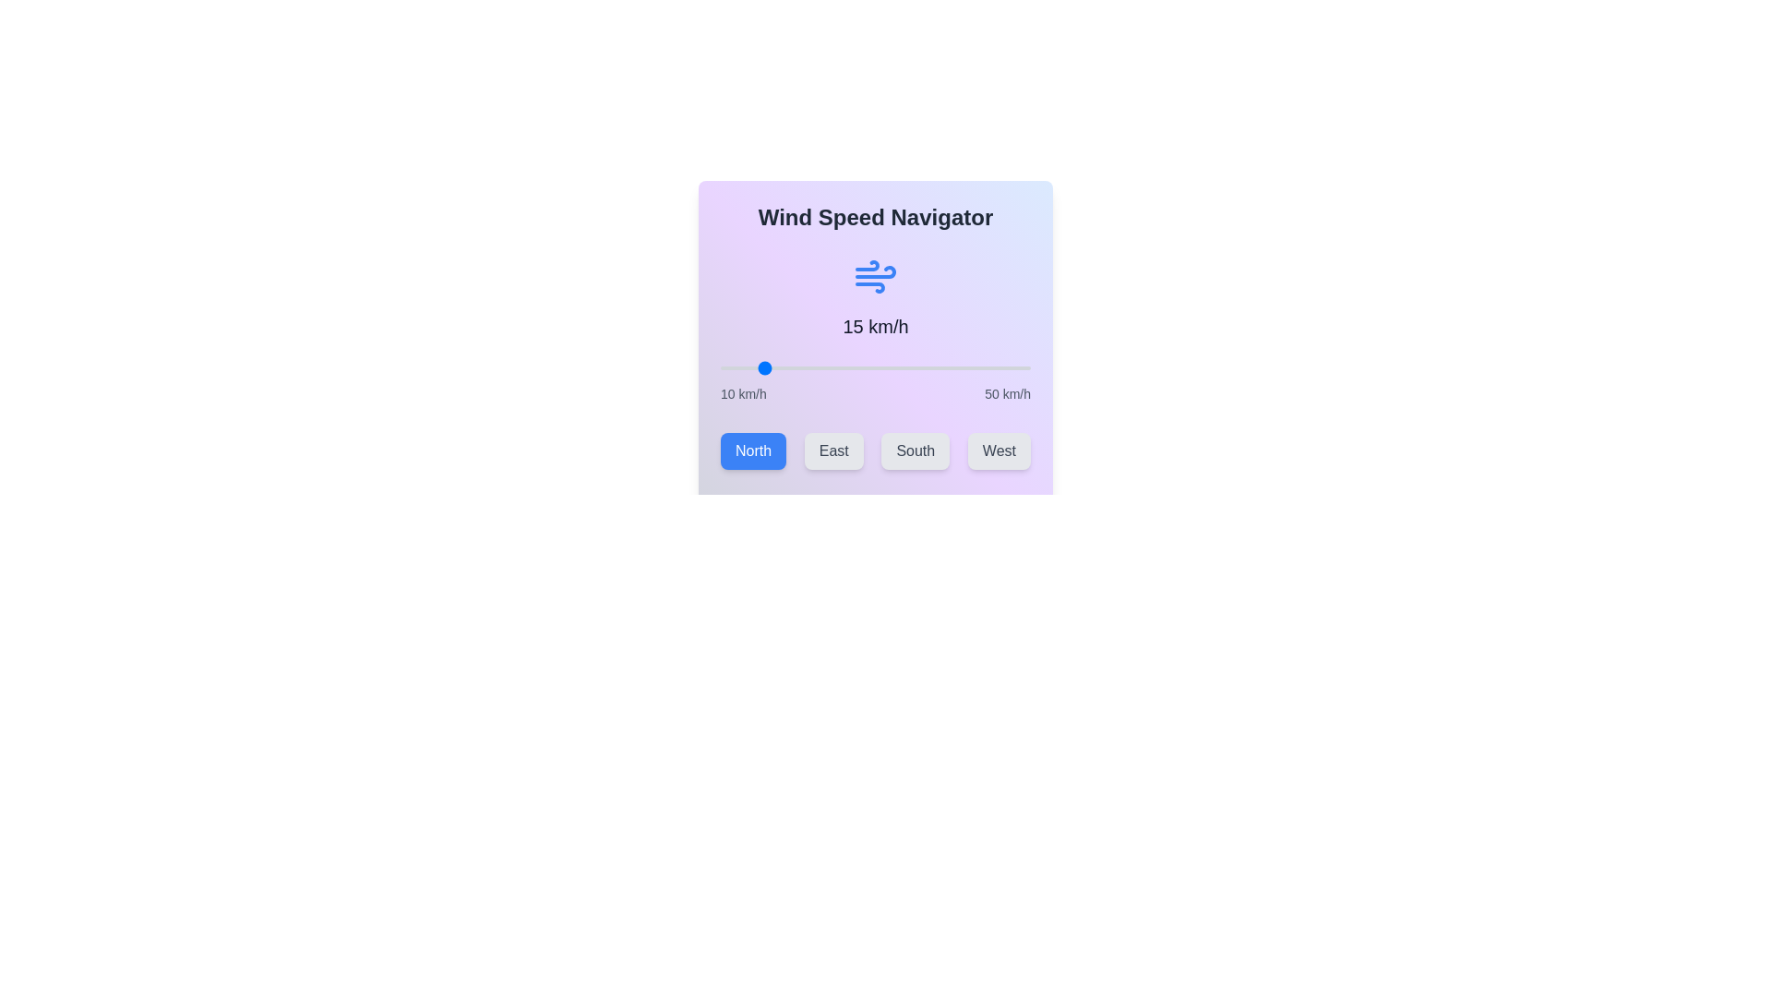 This screenshot has width=1772, height=997. I want to click on the wind speed text element, so click(875, 326).